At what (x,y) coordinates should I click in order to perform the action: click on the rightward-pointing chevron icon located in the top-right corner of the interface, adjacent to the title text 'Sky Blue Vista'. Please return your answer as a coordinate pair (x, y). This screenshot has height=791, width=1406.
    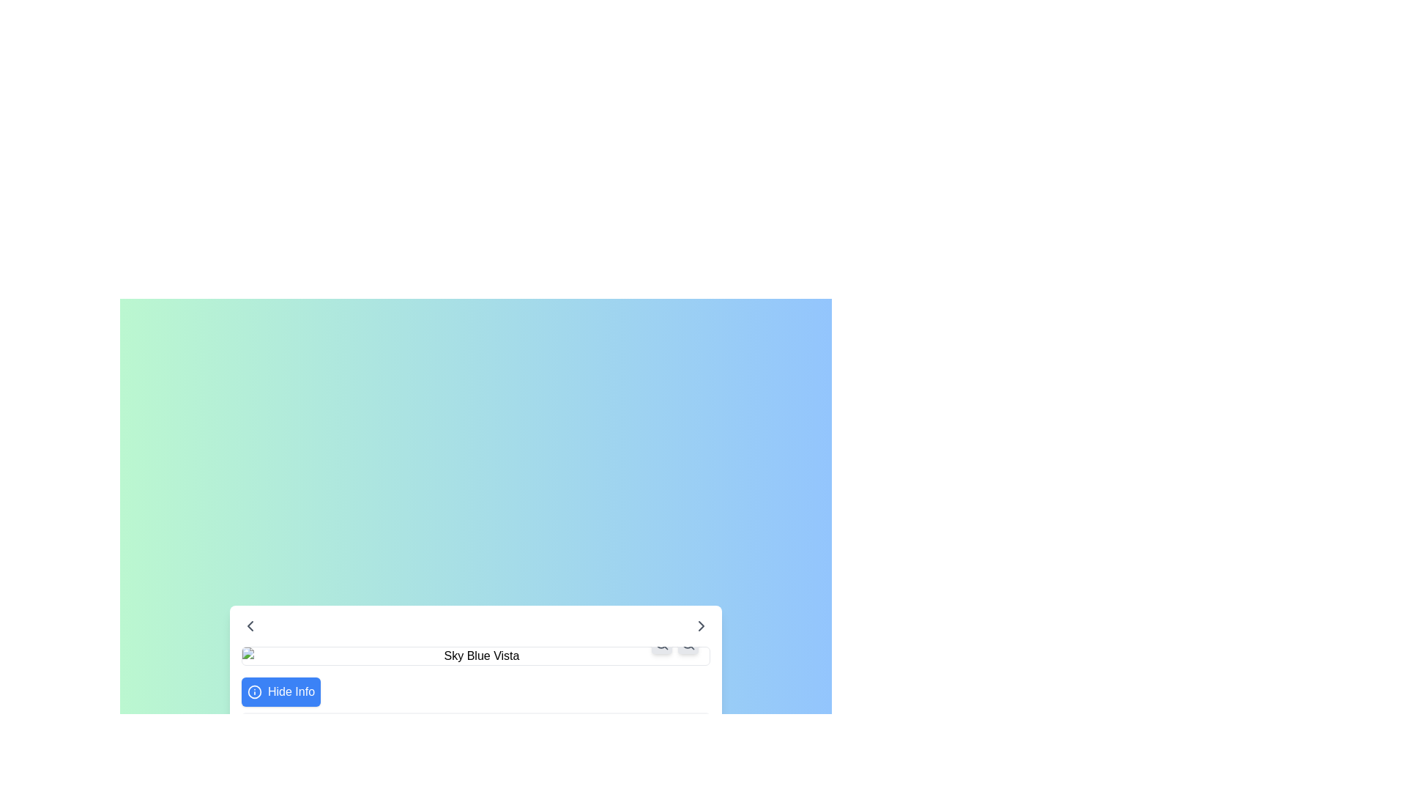
    Looking at the image, I should click on (701, 626).